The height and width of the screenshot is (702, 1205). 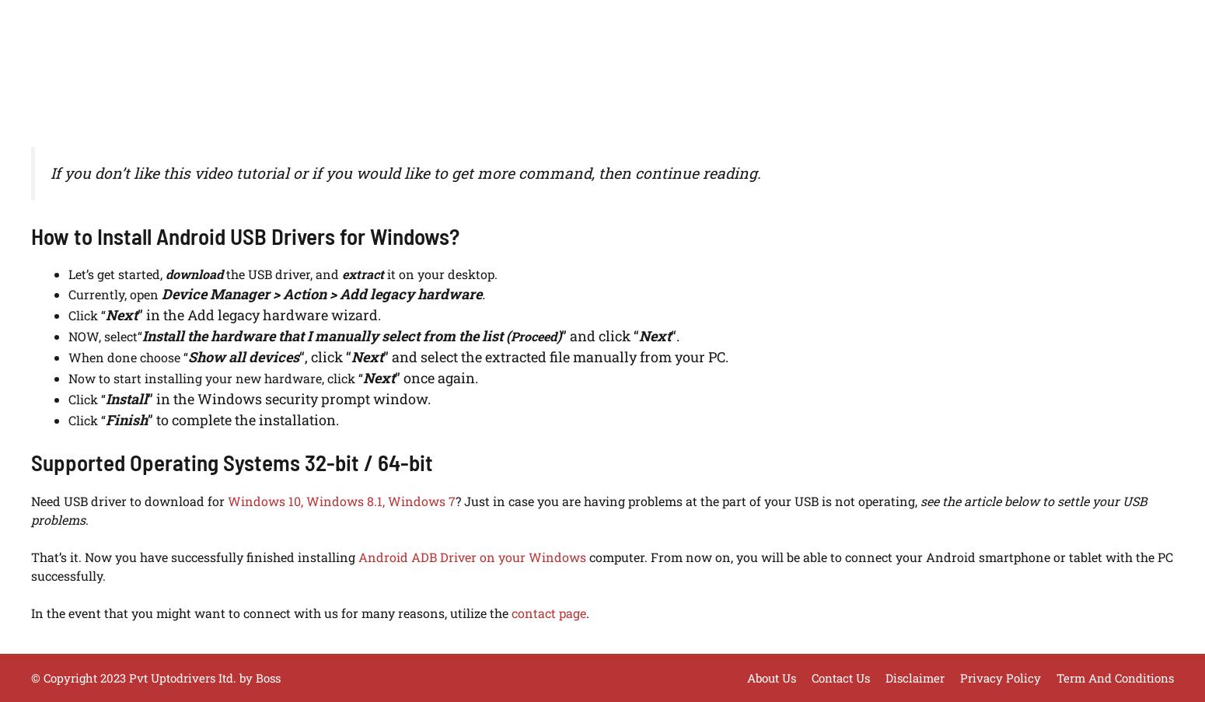 I want to click on 'Proceed', so click(x=510, y=335).